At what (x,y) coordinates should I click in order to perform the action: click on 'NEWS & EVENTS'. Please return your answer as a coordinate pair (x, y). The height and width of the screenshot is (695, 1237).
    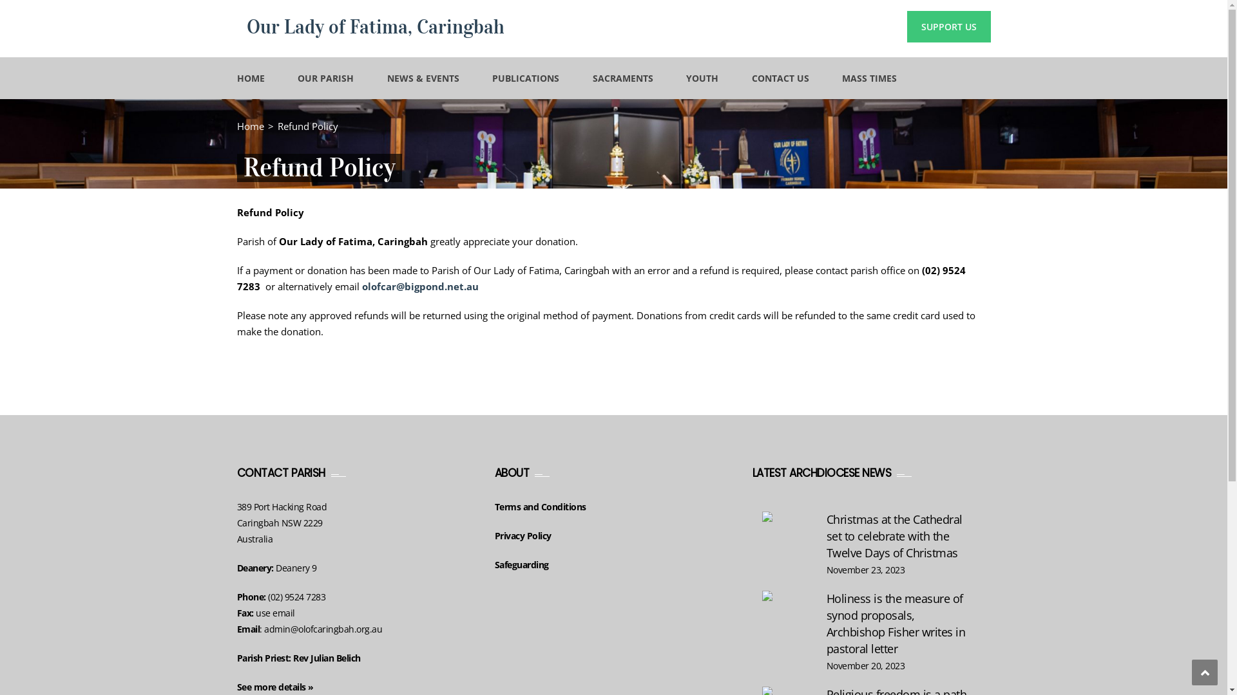
    Looking at the image, I should click on (423, 78).